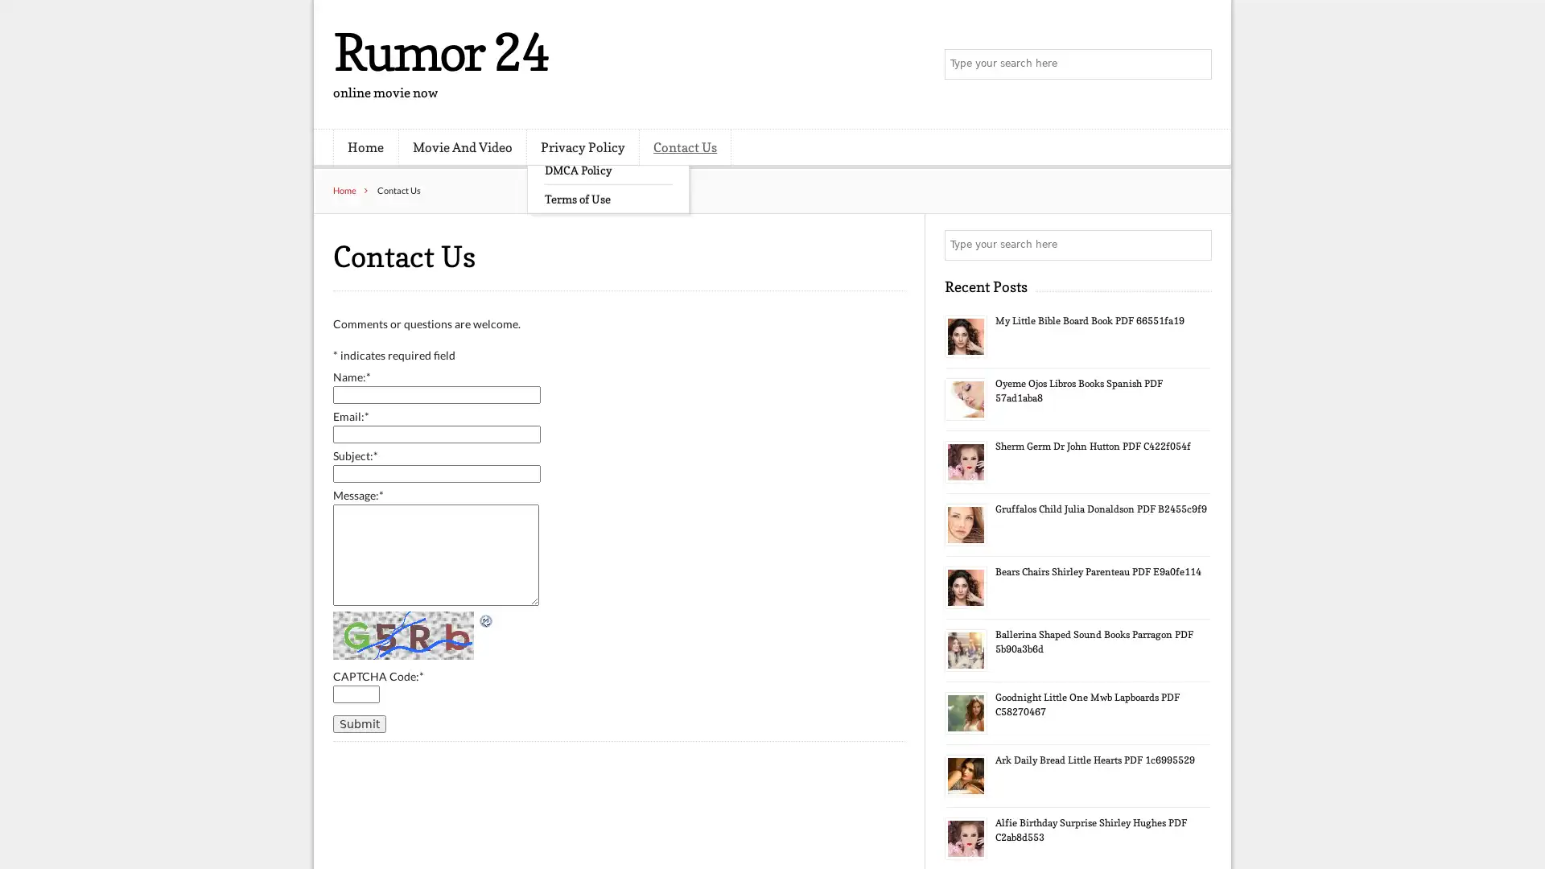  Describe the element at coordinates (358, 722) in the screenshot. I see `Submit` at that location.